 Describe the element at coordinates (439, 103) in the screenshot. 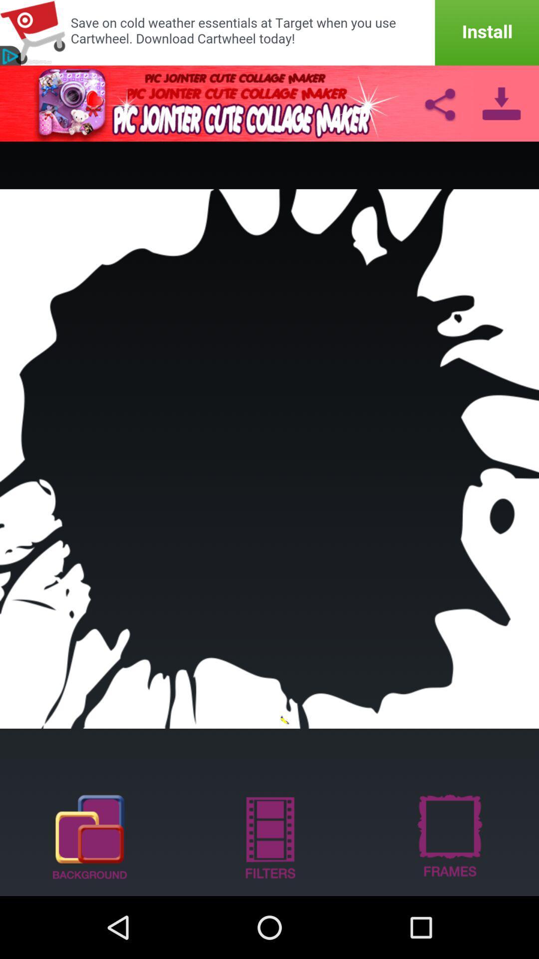

I see `share this content` at that location.